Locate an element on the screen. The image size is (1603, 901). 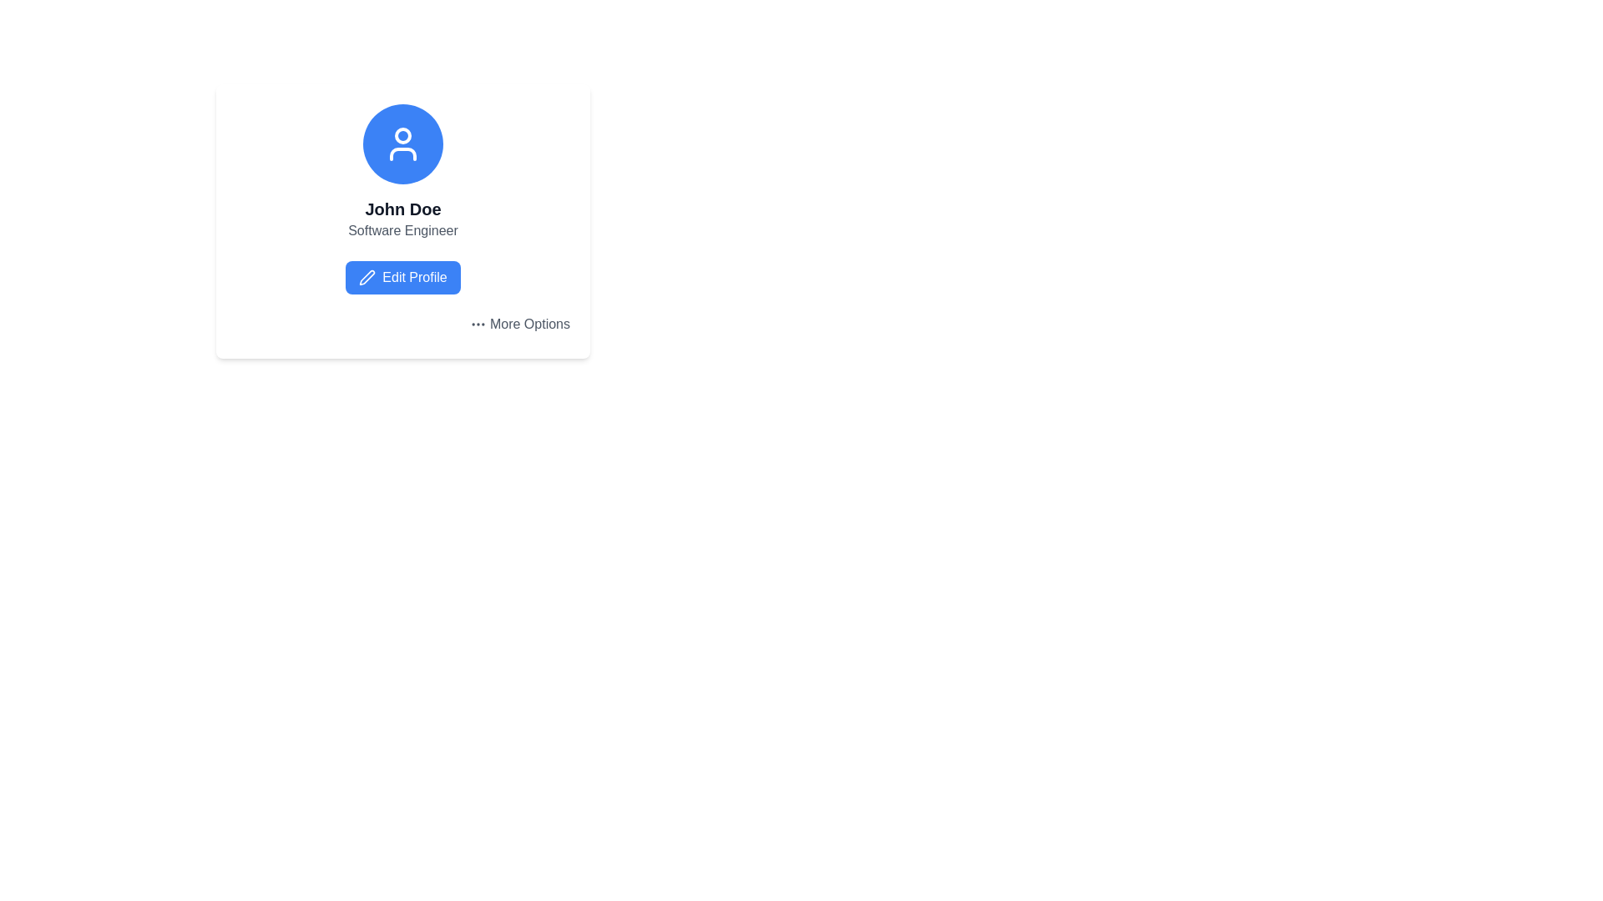
the text label displaying 'John Doe' in bold and large font, located in the user profile section, directly below the user avatar and above 'Software Engineer' is located at coordinates (403, 208).